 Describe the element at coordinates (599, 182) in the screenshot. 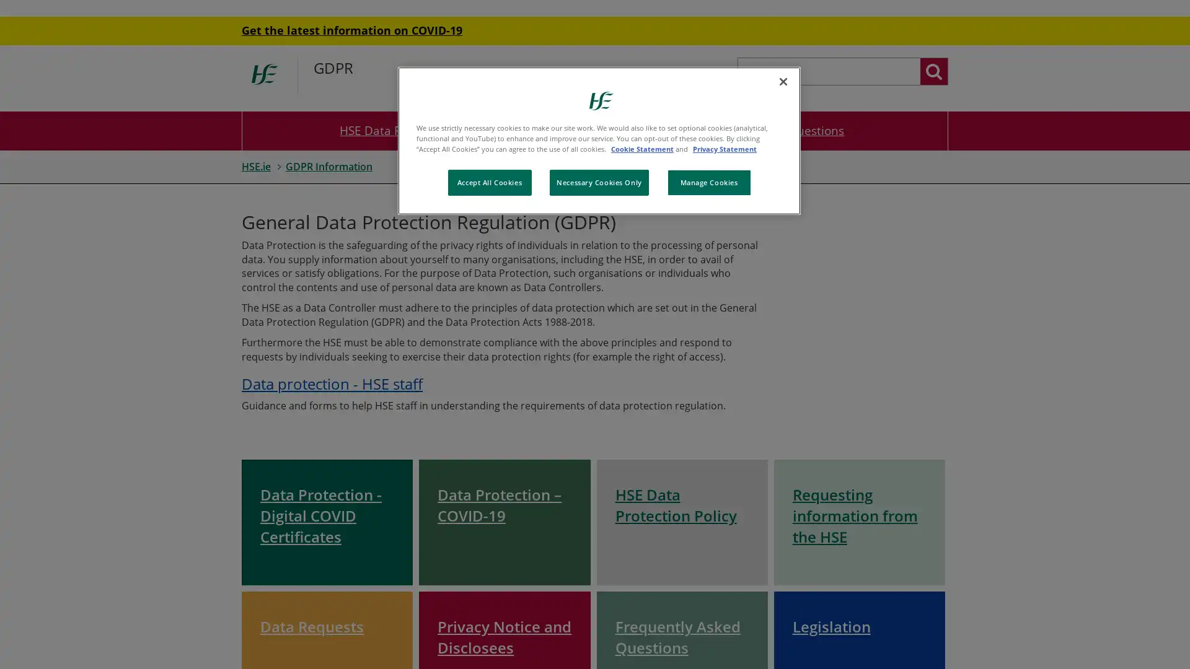

I see `Necessary Cookies Only` at that location.